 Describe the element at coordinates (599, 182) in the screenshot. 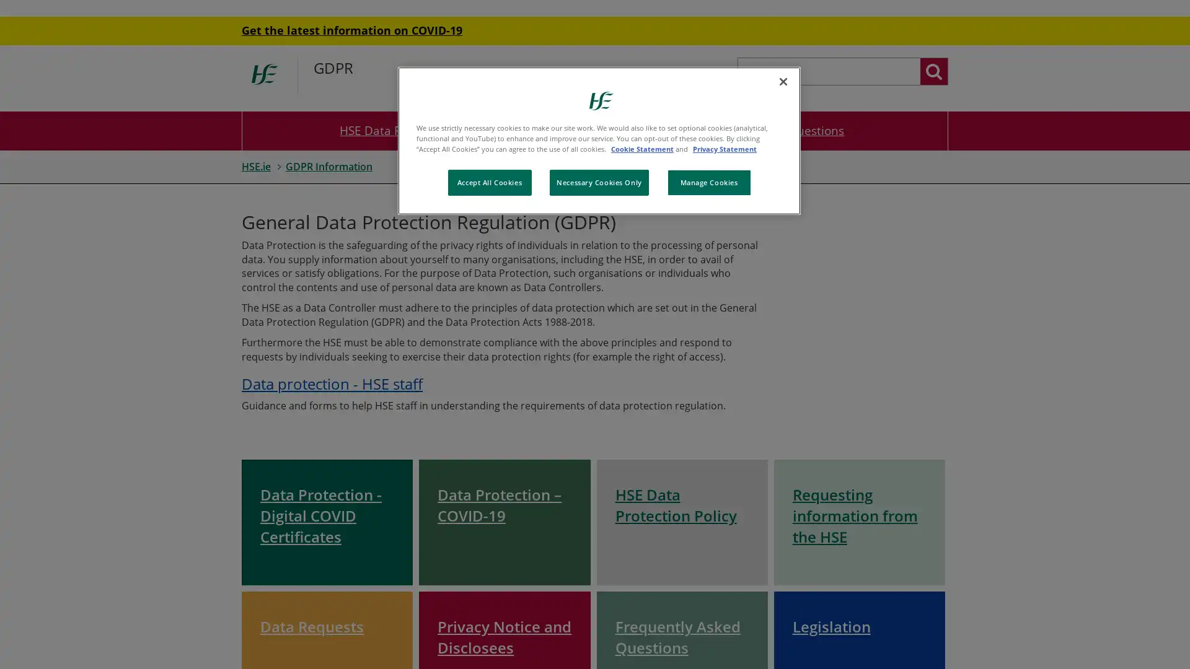

I see `Necessary Cookies Only` at that location.